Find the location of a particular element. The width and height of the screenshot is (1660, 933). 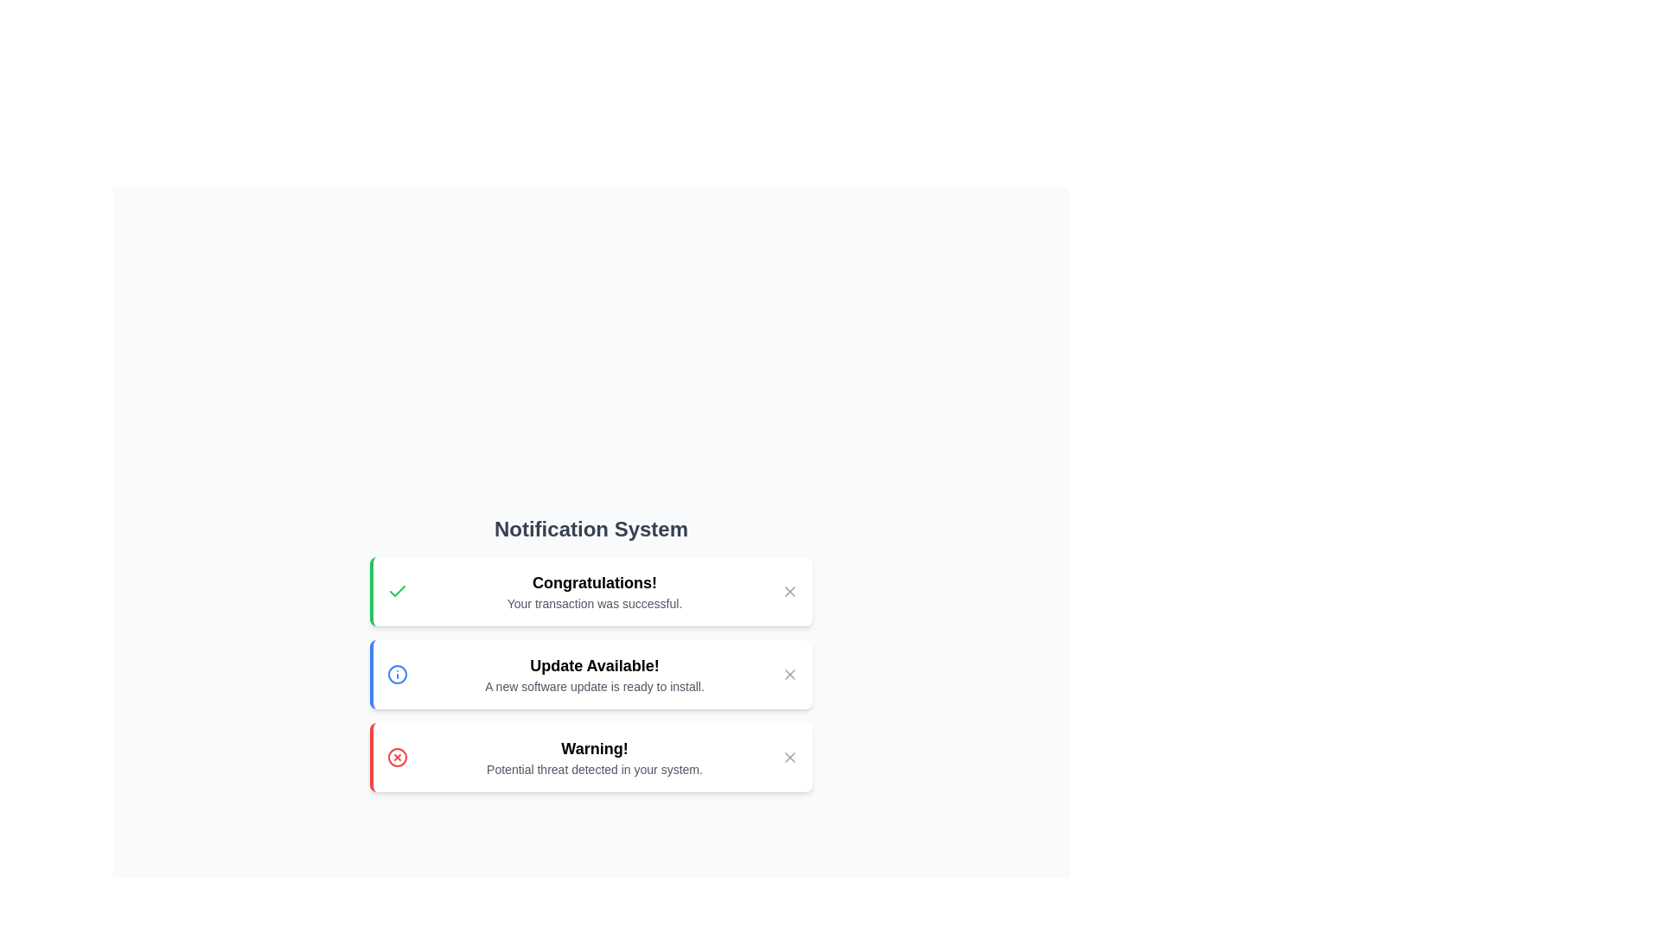

the informational icon located at the upper-left corner of the notification card that indicates an update is available is located at coordinates (397, 673).